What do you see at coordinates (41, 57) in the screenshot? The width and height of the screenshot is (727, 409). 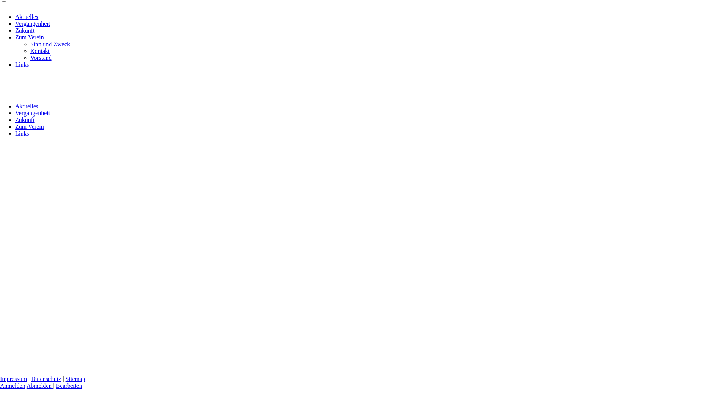 I see `'Vorstand'` at bounding box center [41, 57].